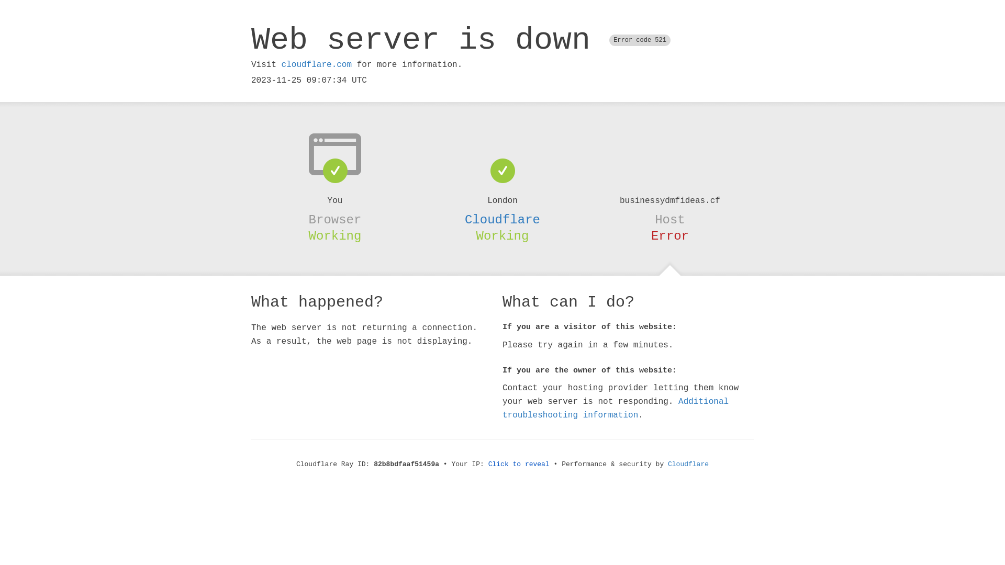  I want to click on 'cloudflare.com', so click(316, 64).